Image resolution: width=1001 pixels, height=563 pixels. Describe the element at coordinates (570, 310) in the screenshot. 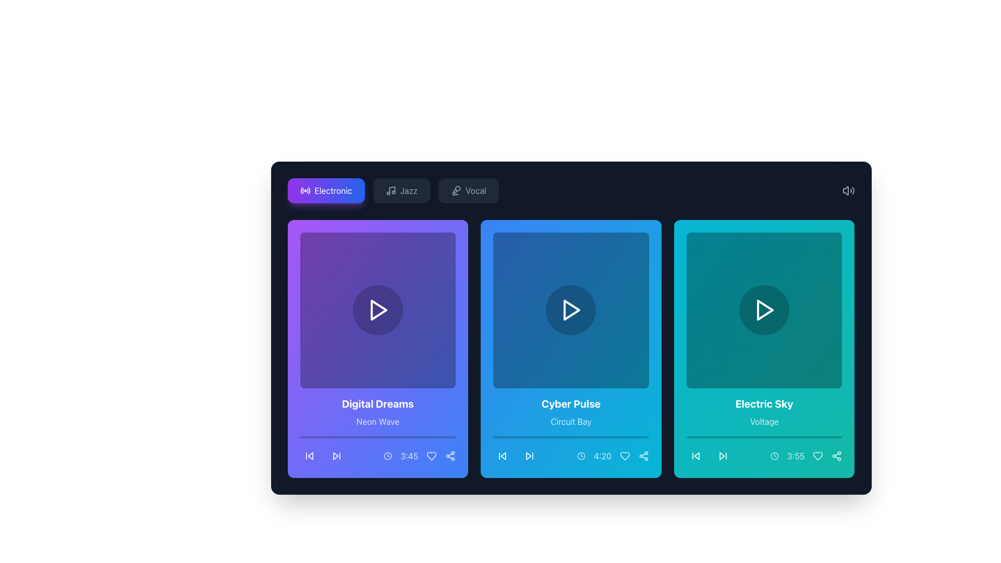

I see `the play button located in the center of the 'Cyber Pulse' card to initiate playback of the associated content` at that location.